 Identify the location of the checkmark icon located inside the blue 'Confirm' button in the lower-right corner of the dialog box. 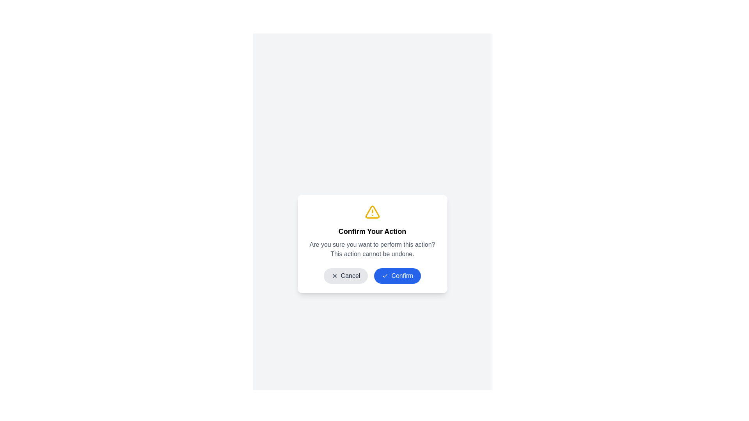
(385, 276).